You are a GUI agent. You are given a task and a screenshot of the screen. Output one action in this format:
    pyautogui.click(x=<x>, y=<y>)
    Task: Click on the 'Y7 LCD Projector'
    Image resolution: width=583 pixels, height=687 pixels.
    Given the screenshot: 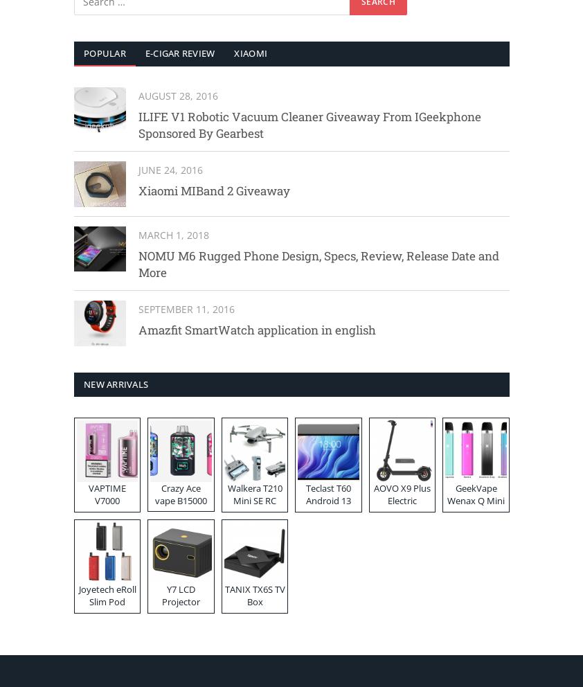 What is the action you would take?
    pyautogui.click(x=181, y=594)
    